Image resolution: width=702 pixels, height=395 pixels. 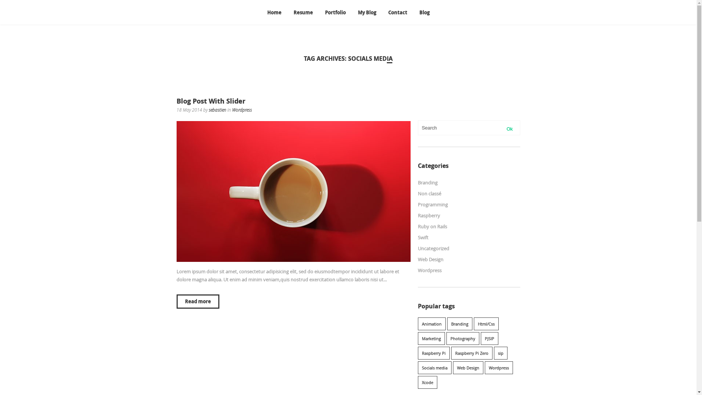 What do you see at coordinates (472, 353) in the screenshot?
I see `'Raspberry Pi Zero'` at bounding box center [472, 353].